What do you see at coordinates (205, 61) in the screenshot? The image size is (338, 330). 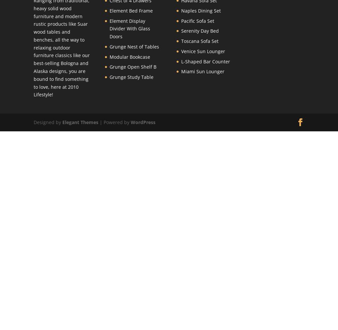 I see `'L-Shaped Bar Counter'` at bounding box center [205, 61].